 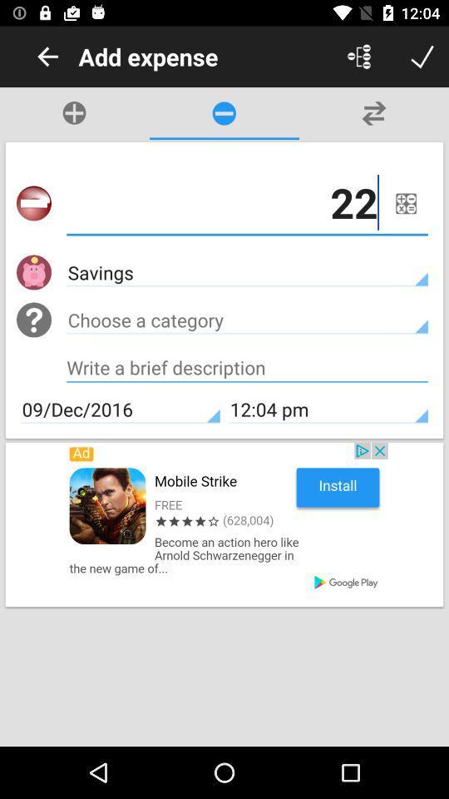 I want to click on date, so click(x=405, y=202).